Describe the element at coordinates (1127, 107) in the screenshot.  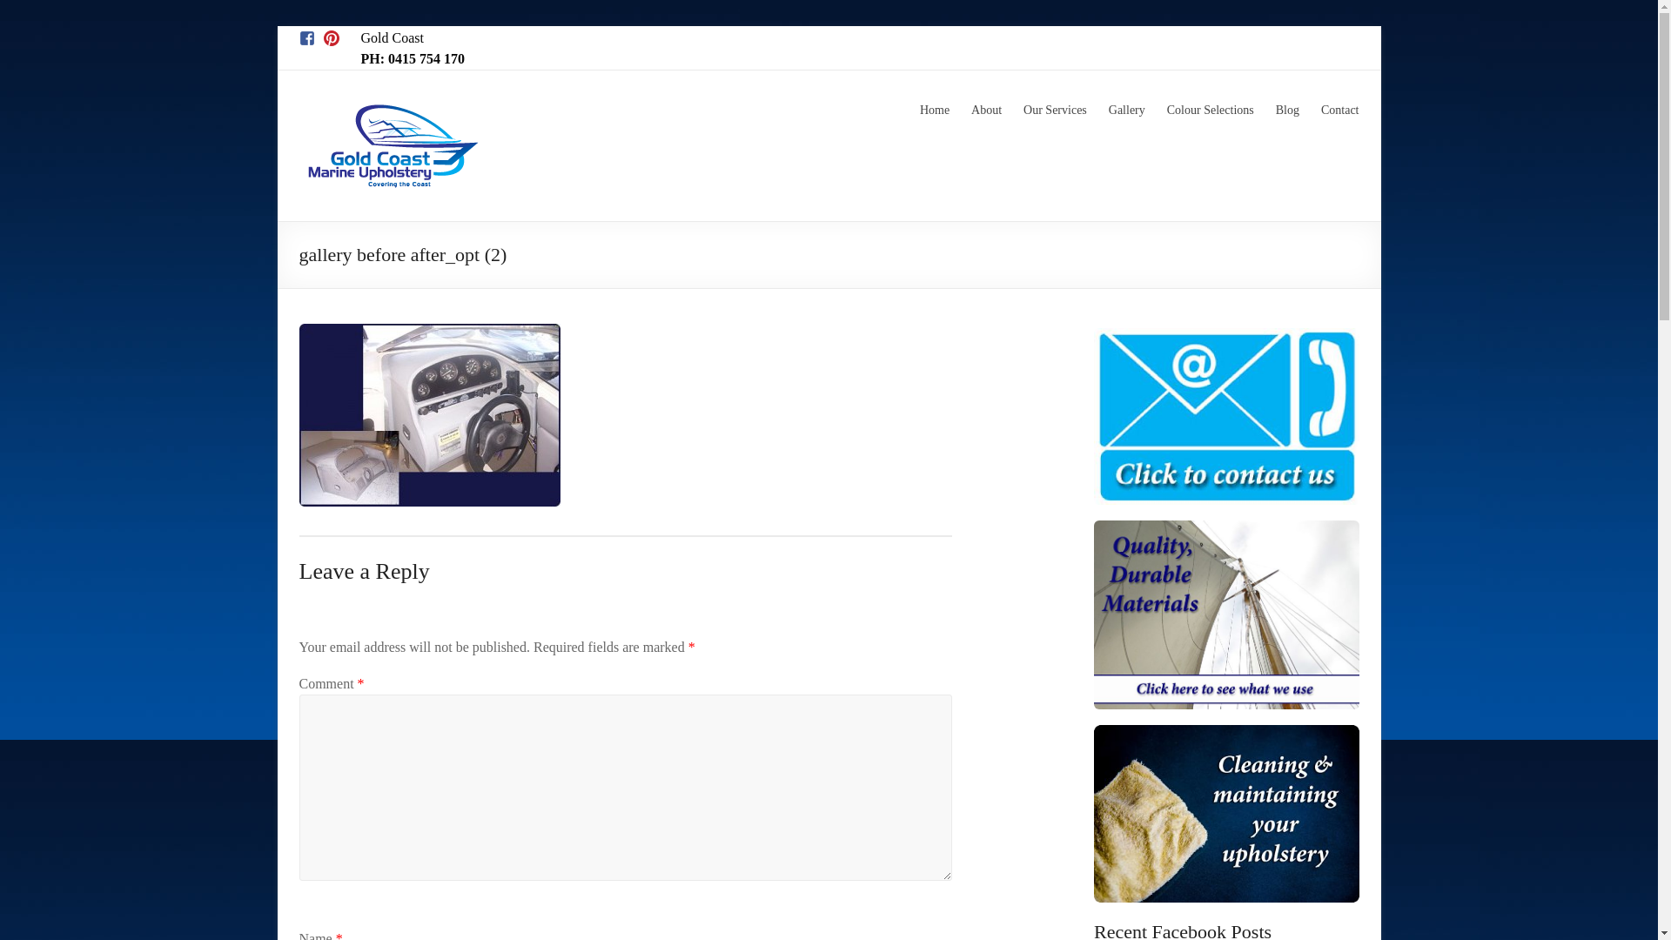
I see `'Gallery'` at that location.